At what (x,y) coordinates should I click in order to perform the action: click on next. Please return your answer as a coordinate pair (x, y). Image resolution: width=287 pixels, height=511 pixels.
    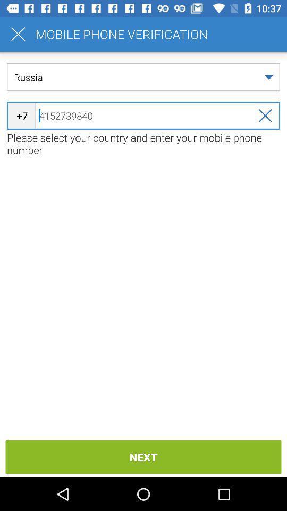
    Looking at the image, I should click on (143, 456).